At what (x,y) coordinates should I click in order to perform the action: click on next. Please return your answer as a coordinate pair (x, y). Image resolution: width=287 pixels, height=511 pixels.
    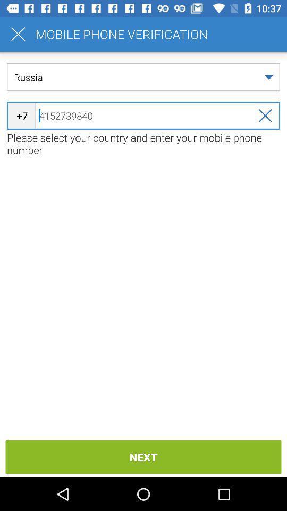
    Looking at the image, I should click on (143, 456).